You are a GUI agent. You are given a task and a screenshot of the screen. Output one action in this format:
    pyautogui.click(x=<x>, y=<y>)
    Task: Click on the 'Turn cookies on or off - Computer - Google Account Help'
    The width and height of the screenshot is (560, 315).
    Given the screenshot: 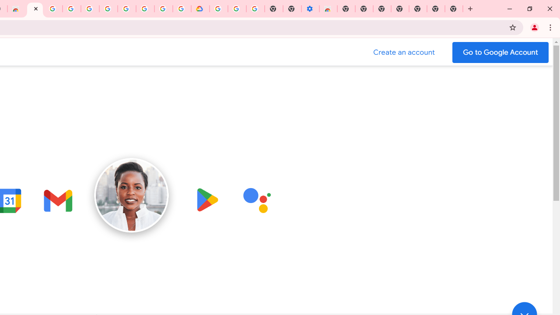 What is the action you would take?
    pyautogui.click(x=255, y=9)
    